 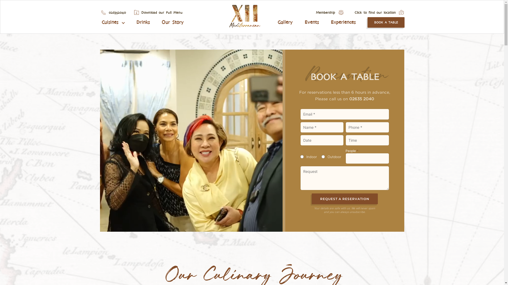 I want to click on '026352040', so click(x=117, y=12).